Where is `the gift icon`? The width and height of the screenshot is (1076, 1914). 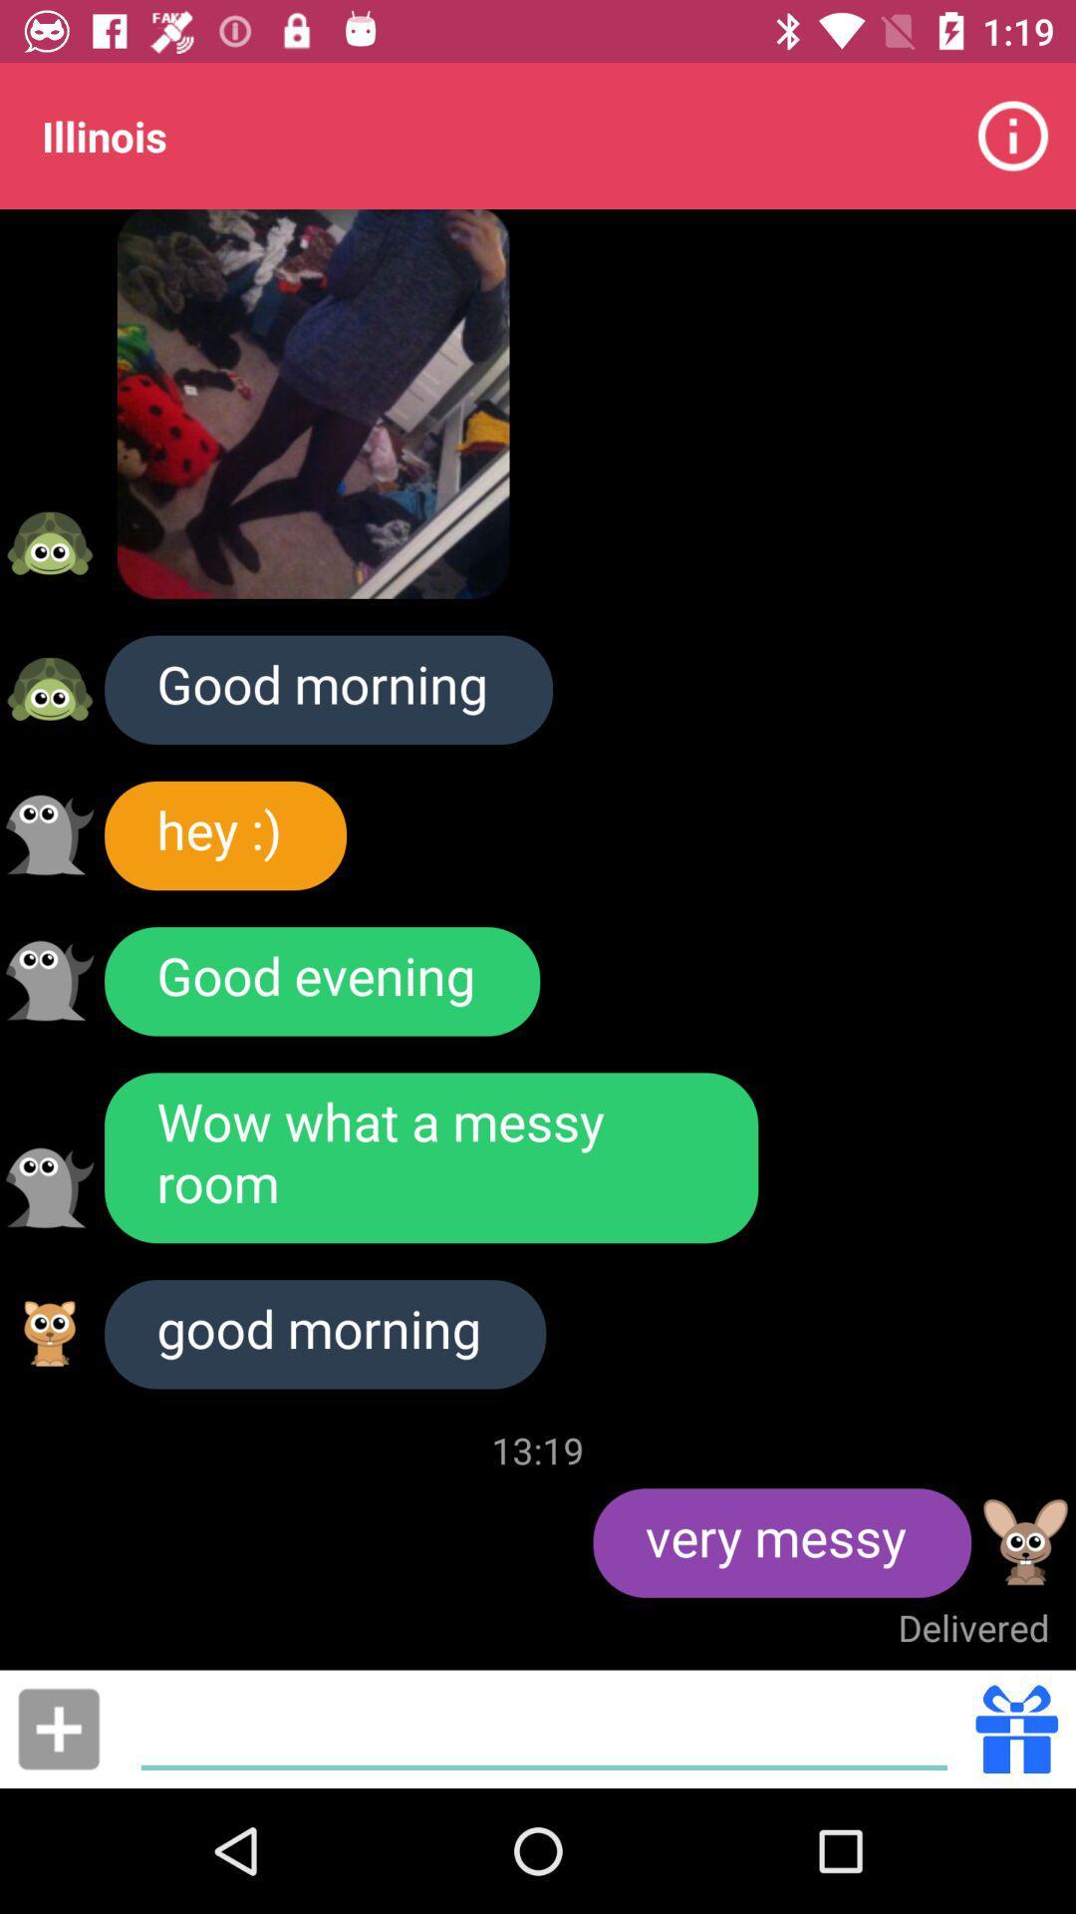 the gift icon is located at coordinates (1016, 1728).